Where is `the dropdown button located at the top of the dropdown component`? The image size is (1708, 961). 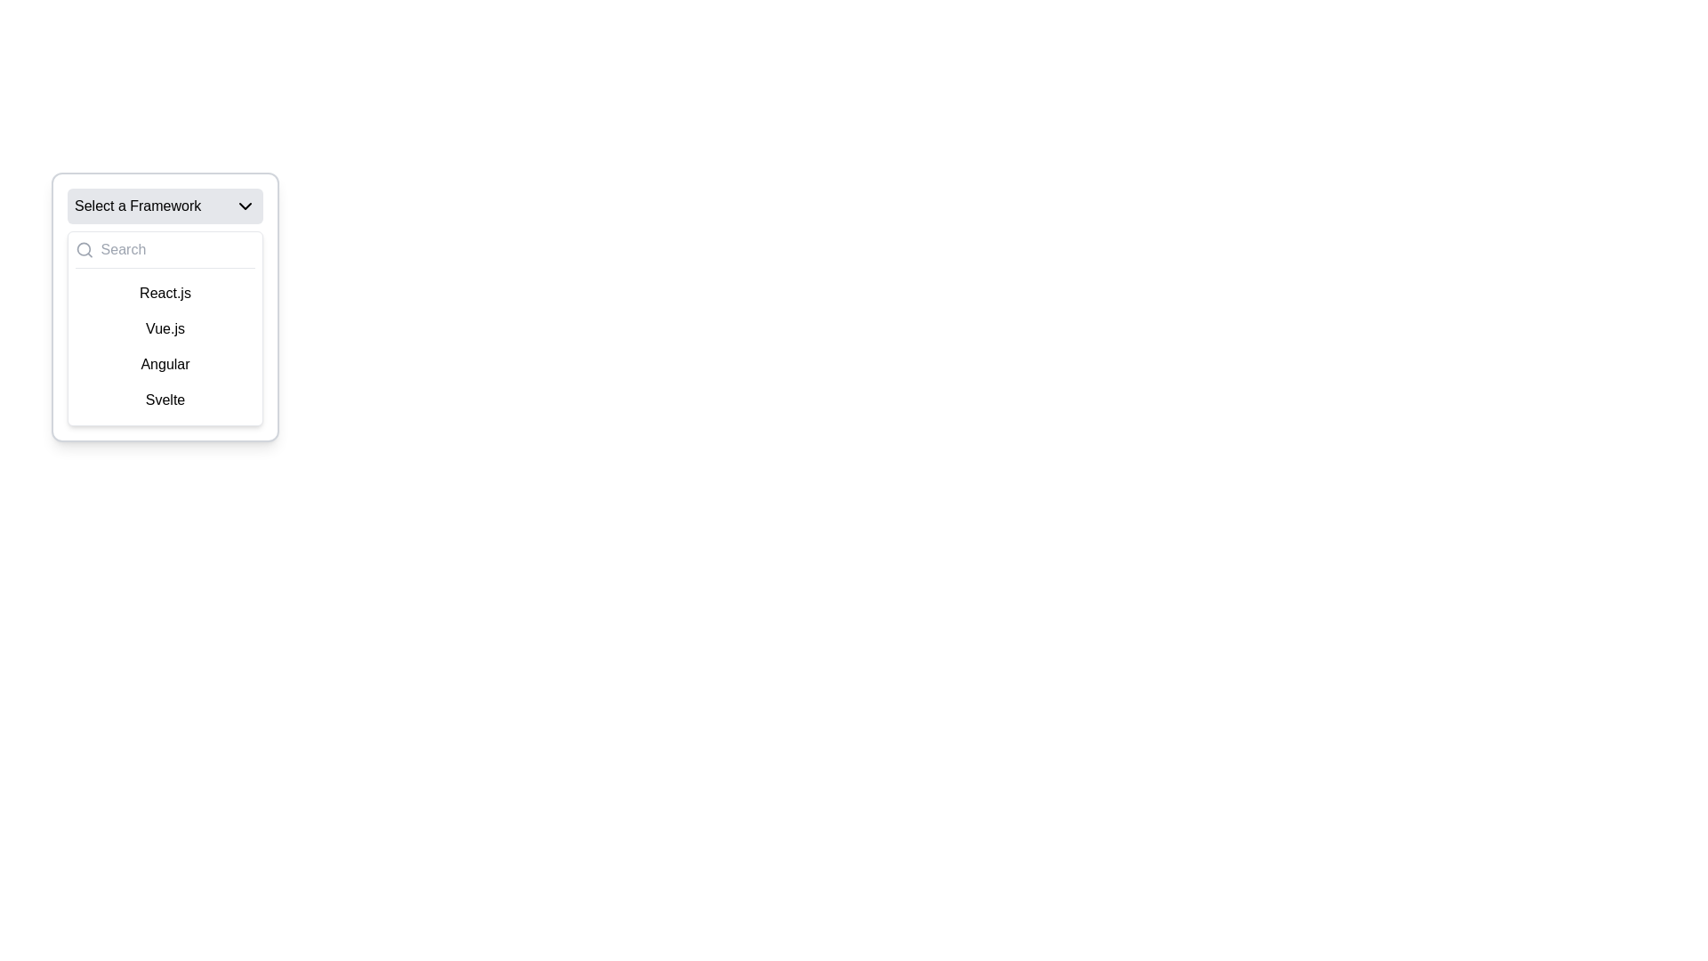 the dropdown button located at the top of the dropdown component is located at coordinates (165, 205).